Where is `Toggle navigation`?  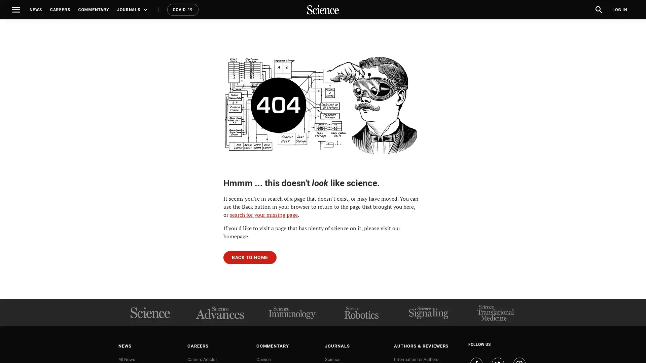 Toggle navigation is located at coordinates (16, 10).